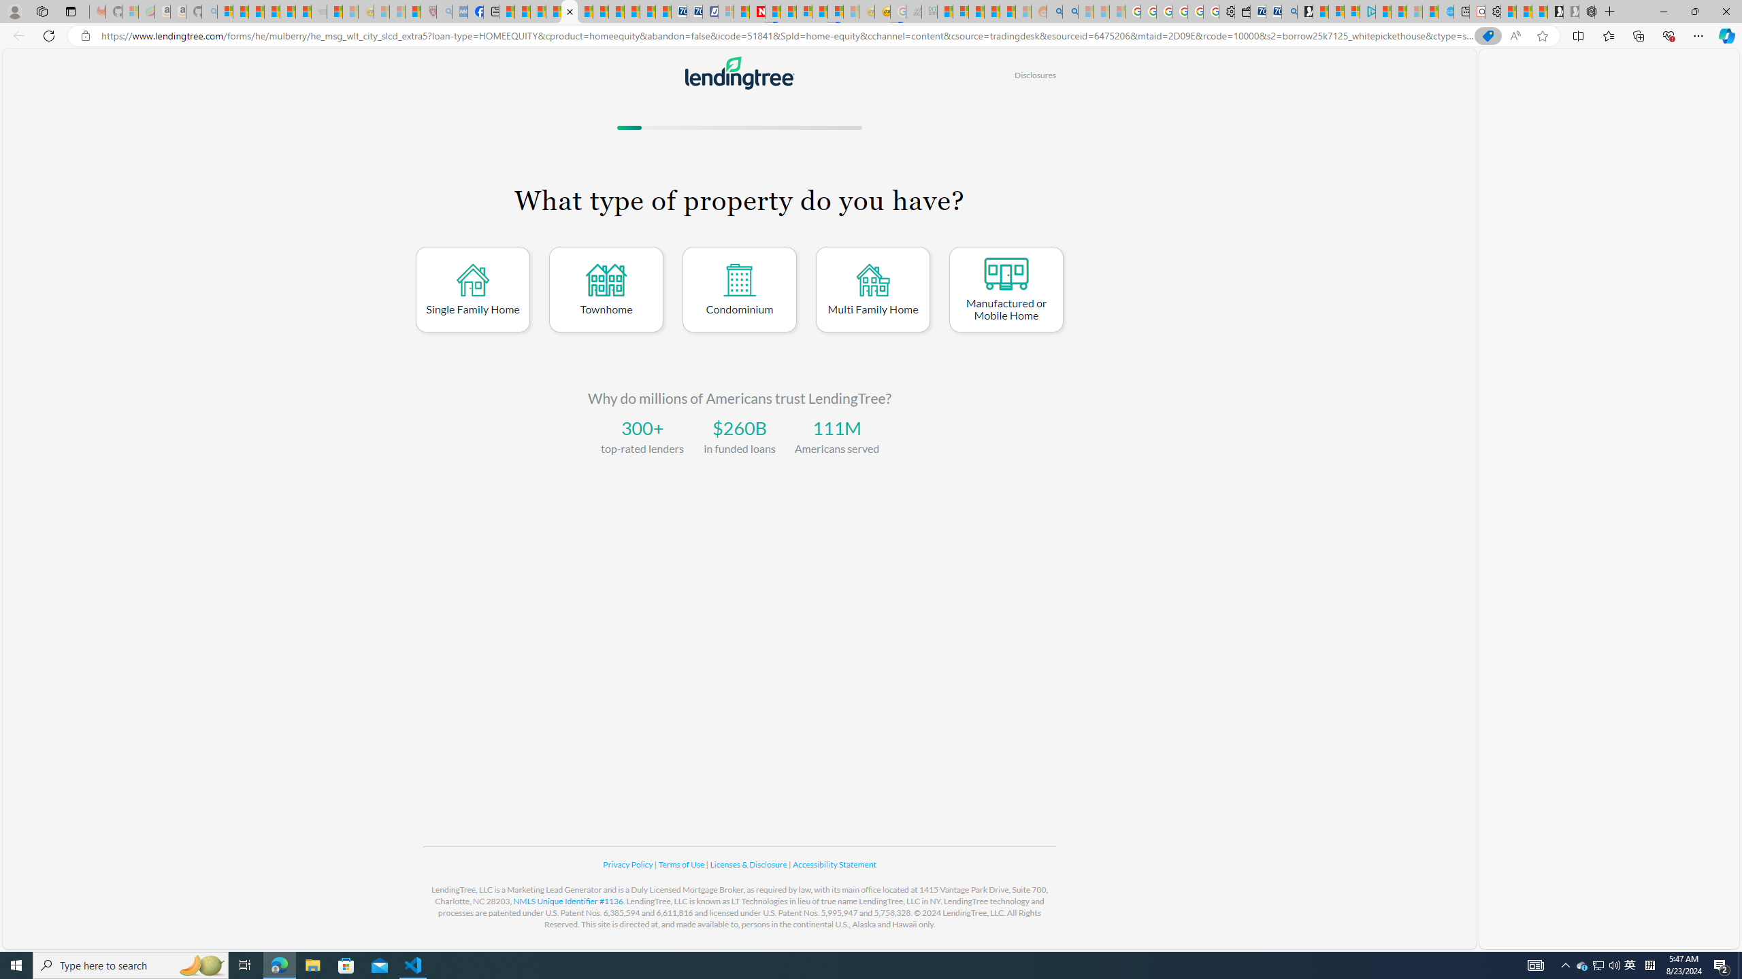  I want to click on 'Student Loan Update: Forgiveness Program Ends This Month', so click(1006, 11).